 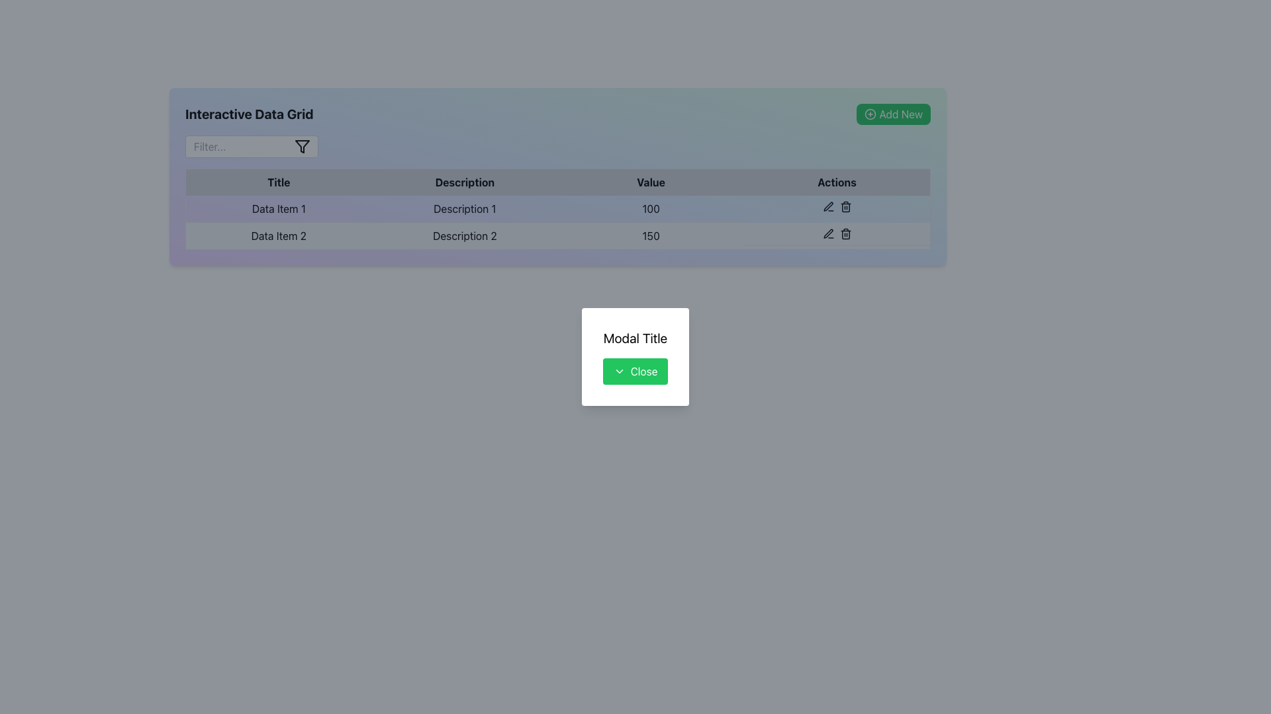 I want to click on the pen icon button located in the Actions column of the table, so click(x=827, y=233).